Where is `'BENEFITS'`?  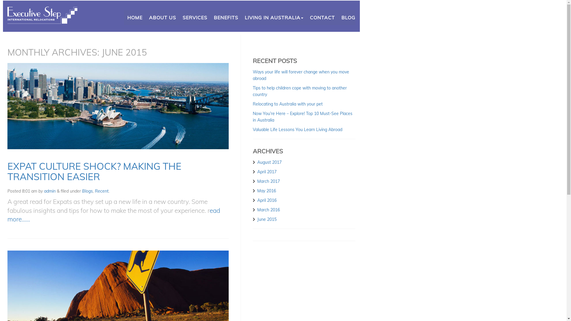 'BENEFITS' is located at coordinates (225, 17).